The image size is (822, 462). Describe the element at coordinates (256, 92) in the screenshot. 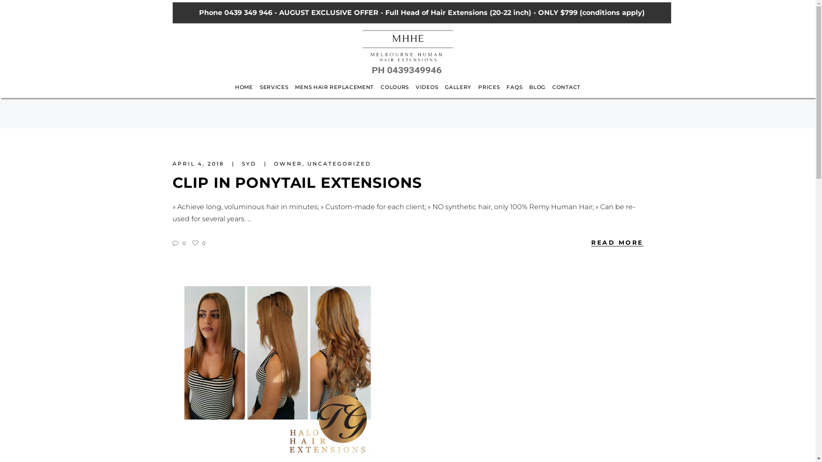

I see `'SERVICES'` at that location.